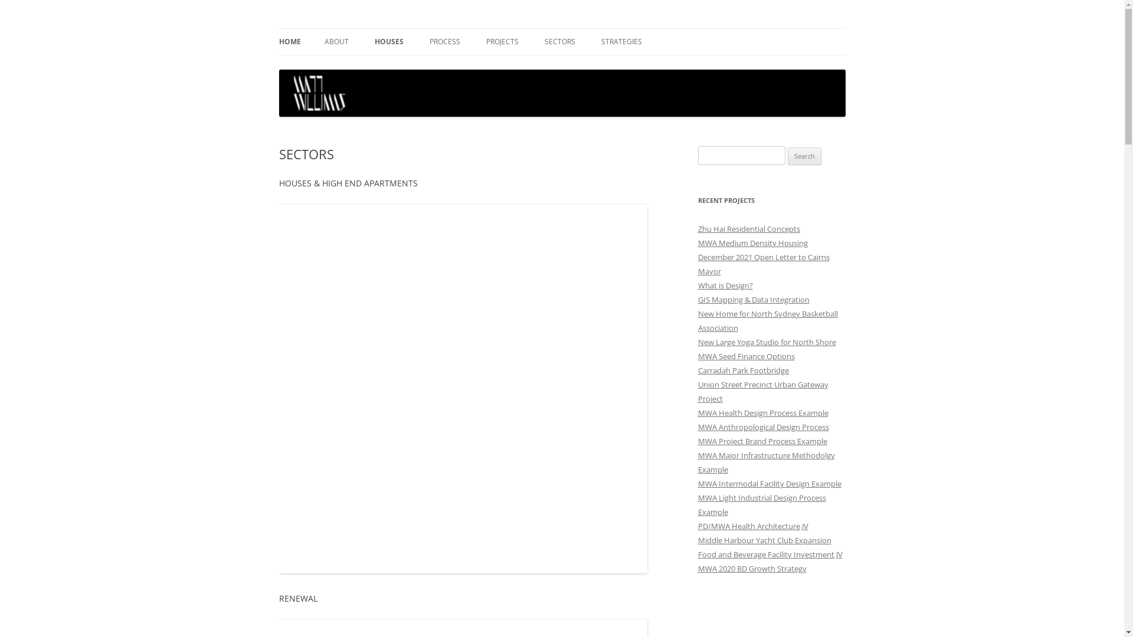  Describe the element at coordinates (804, 156) in the screenshot. I see `'Search'` at that location.